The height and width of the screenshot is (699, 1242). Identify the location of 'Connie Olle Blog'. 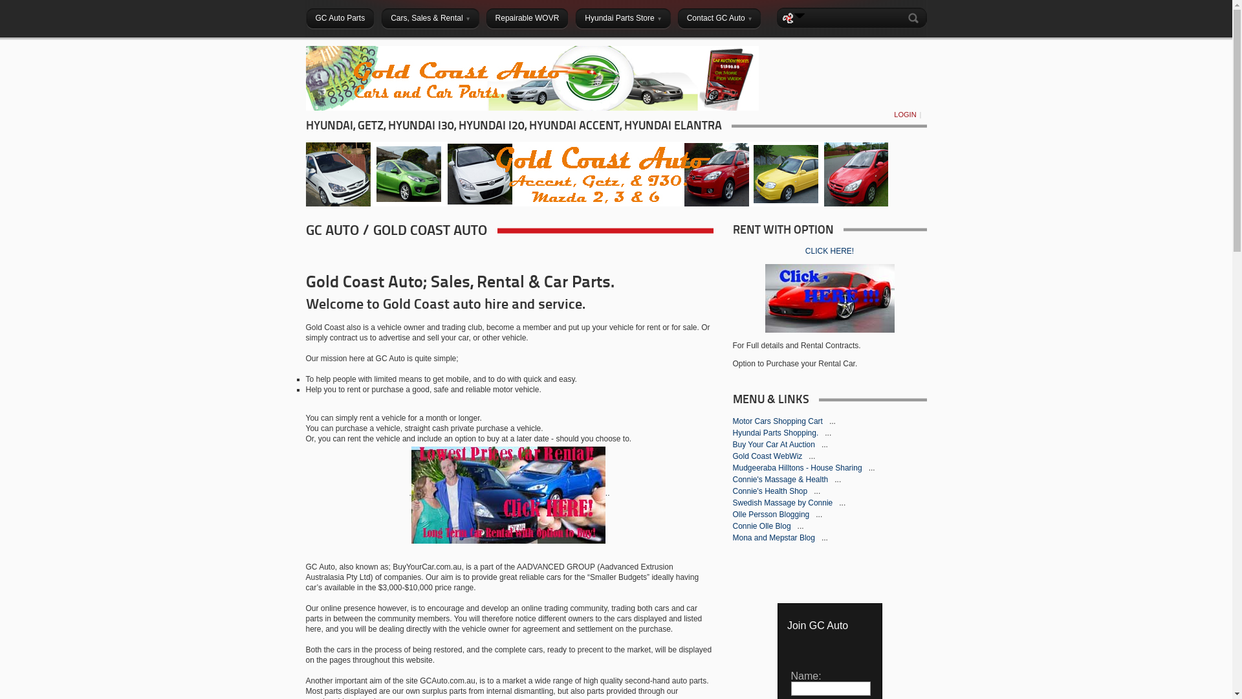
(762, 526).